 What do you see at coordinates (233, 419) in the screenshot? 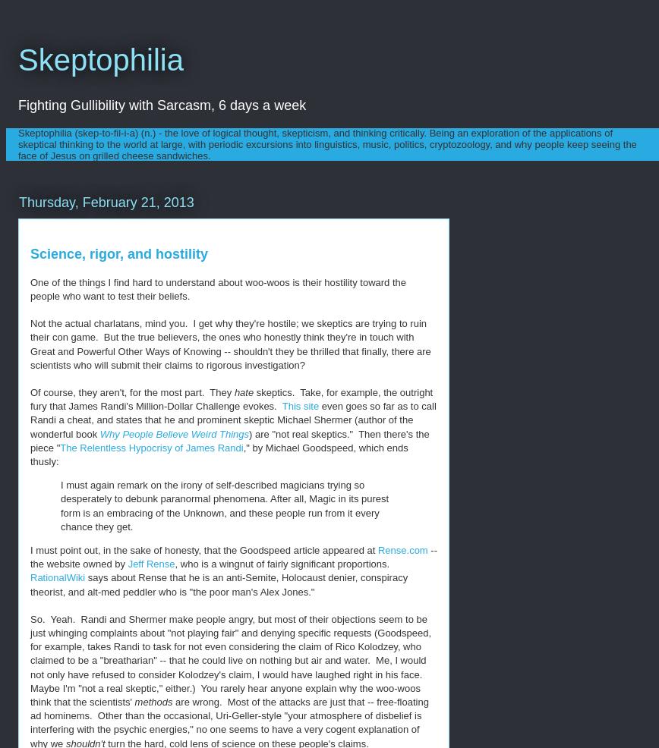
I see `'even goes so far as to call Randi a cheat, and states that he and prominent skeptic Michael Shermer (author of the wonderful book'` at bounding box center [233, 419].